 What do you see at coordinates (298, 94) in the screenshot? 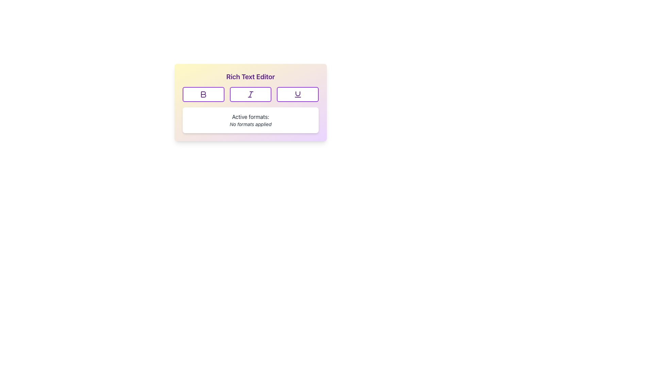
I see `the underline button located in the Rich Text Editor` at bounding box center [298, 94].